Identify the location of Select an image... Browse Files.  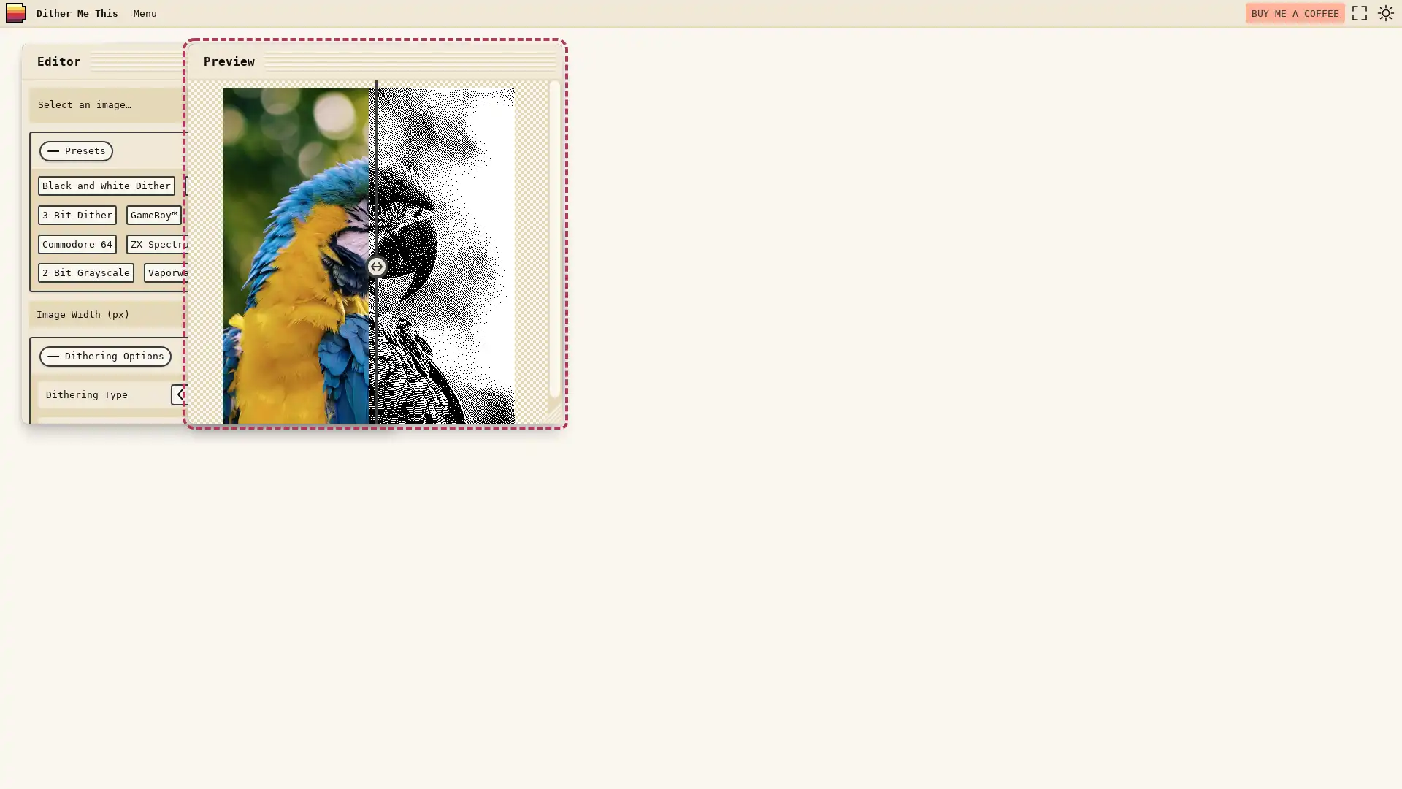
(215, 104).